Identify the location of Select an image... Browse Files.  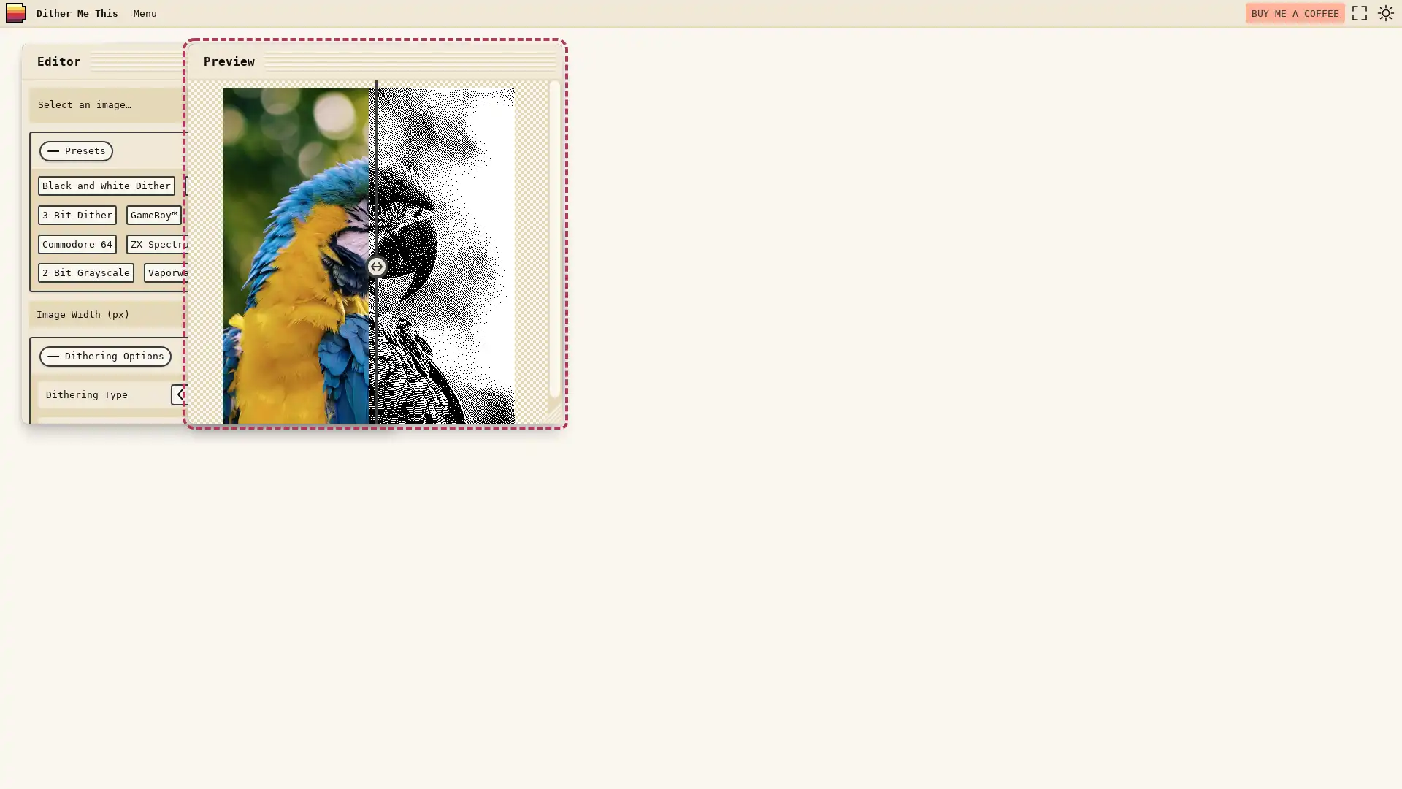
(215, 104).